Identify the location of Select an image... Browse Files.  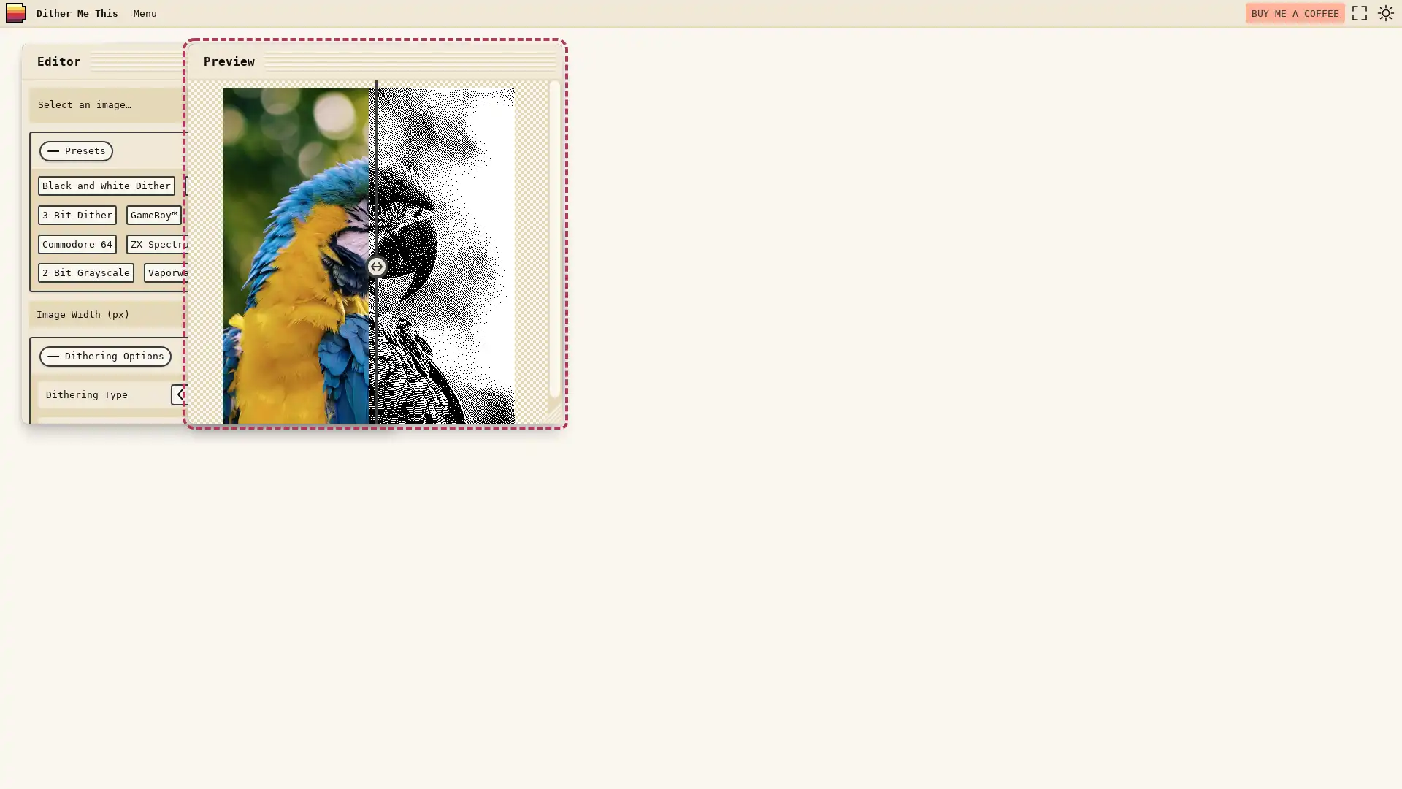
(215, 104).